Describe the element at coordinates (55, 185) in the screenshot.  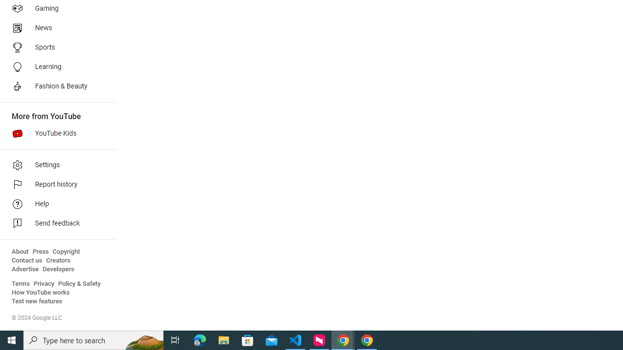
I see `'Report history'` at that location.